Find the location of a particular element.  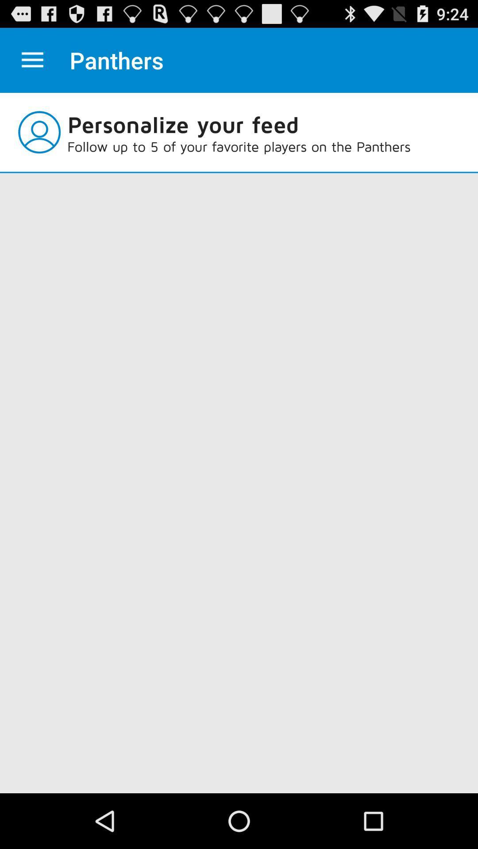

settings option is located at coordinates (32, 60).